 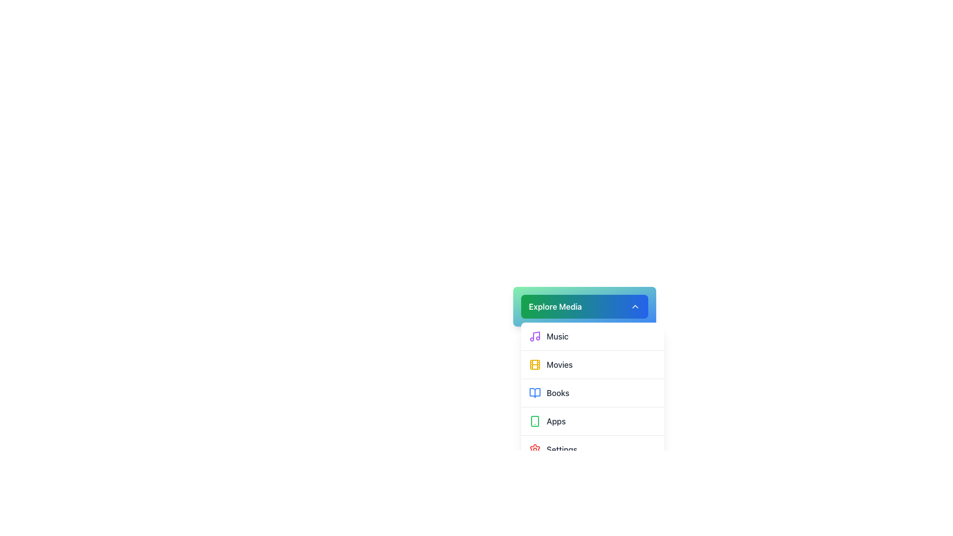 What do you see at coordinates (557, 336) in the screenshot?
I see `the 'Music' text label which is styled in medium dark gray and positioned next to a purple musical note icon under the 'Explore Media' dropdown` at bounding box center [557, 336].